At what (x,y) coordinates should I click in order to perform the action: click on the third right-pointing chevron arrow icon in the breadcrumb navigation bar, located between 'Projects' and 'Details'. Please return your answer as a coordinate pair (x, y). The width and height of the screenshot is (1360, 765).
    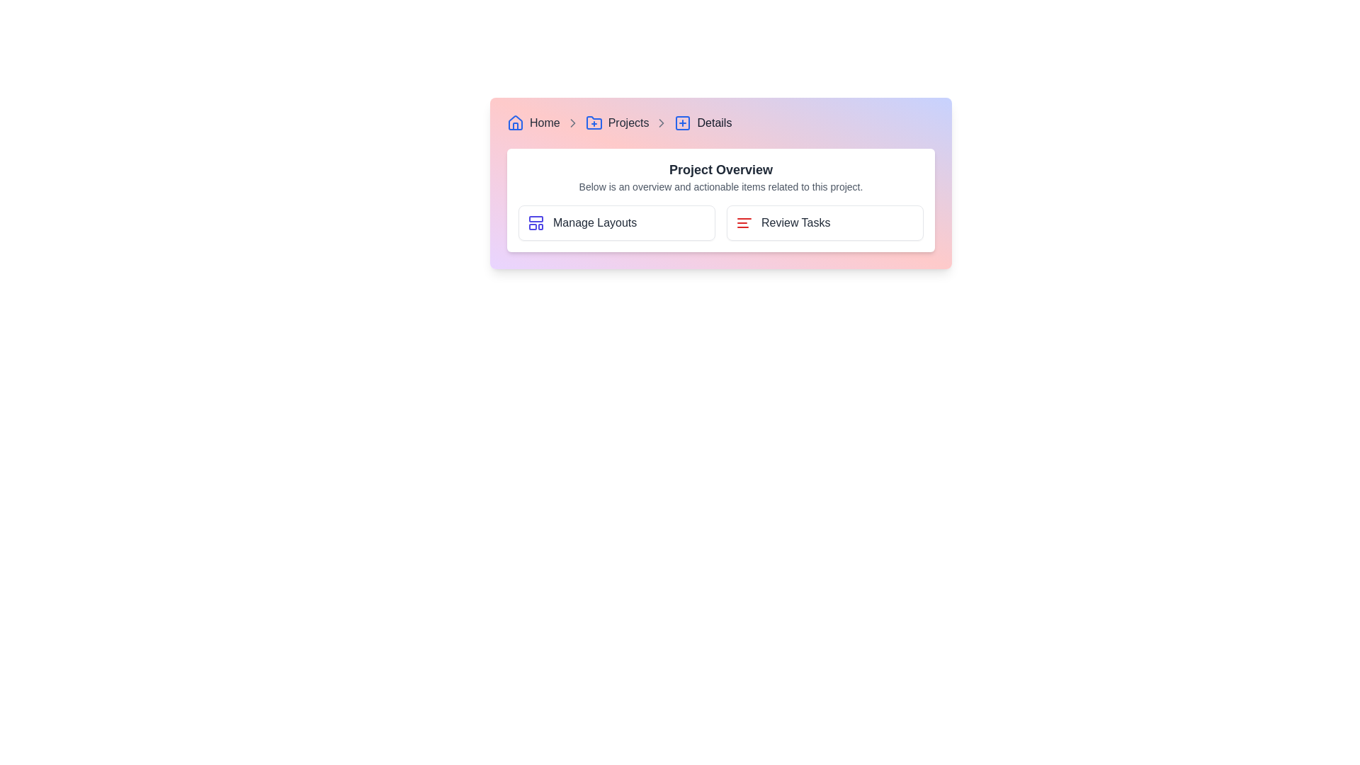
    Looking at the image, I should click on (661, 122).